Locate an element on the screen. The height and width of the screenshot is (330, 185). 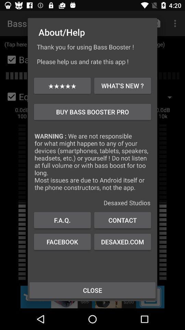
the icon above the buy bass booster is located at coordinates (122, 85).